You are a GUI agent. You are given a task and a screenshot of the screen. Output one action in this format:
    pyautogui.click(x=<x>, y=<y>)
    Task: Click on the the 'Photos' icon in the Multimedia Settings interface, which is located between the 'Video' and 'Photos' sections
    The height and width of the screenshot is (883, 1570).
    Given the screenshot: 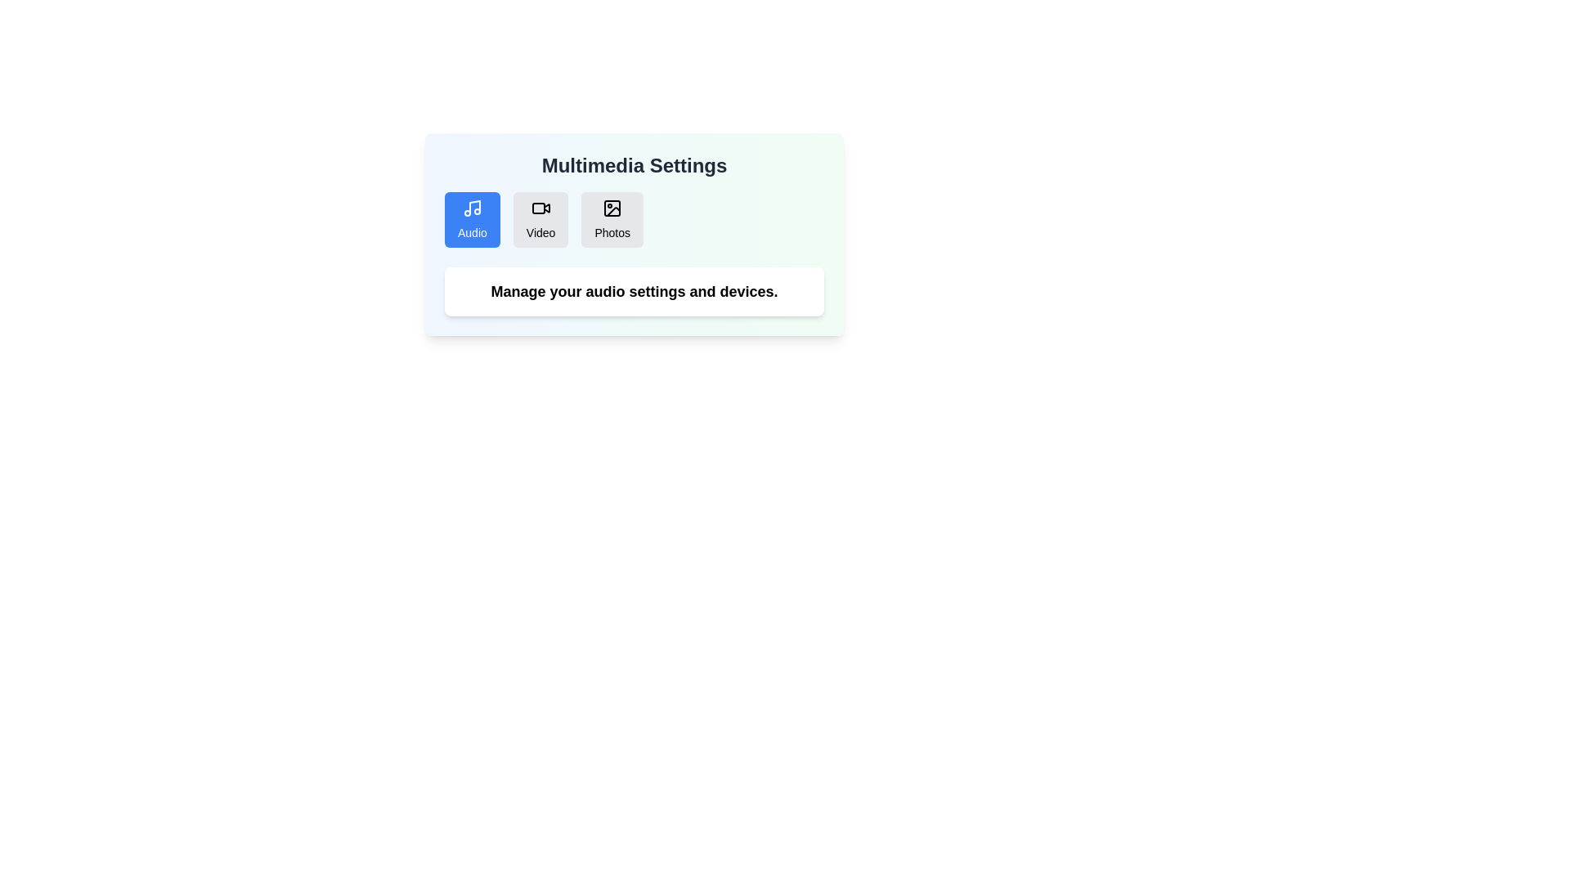 What is the action you would take?
    pyautogui.click(x=612, y=207)
    